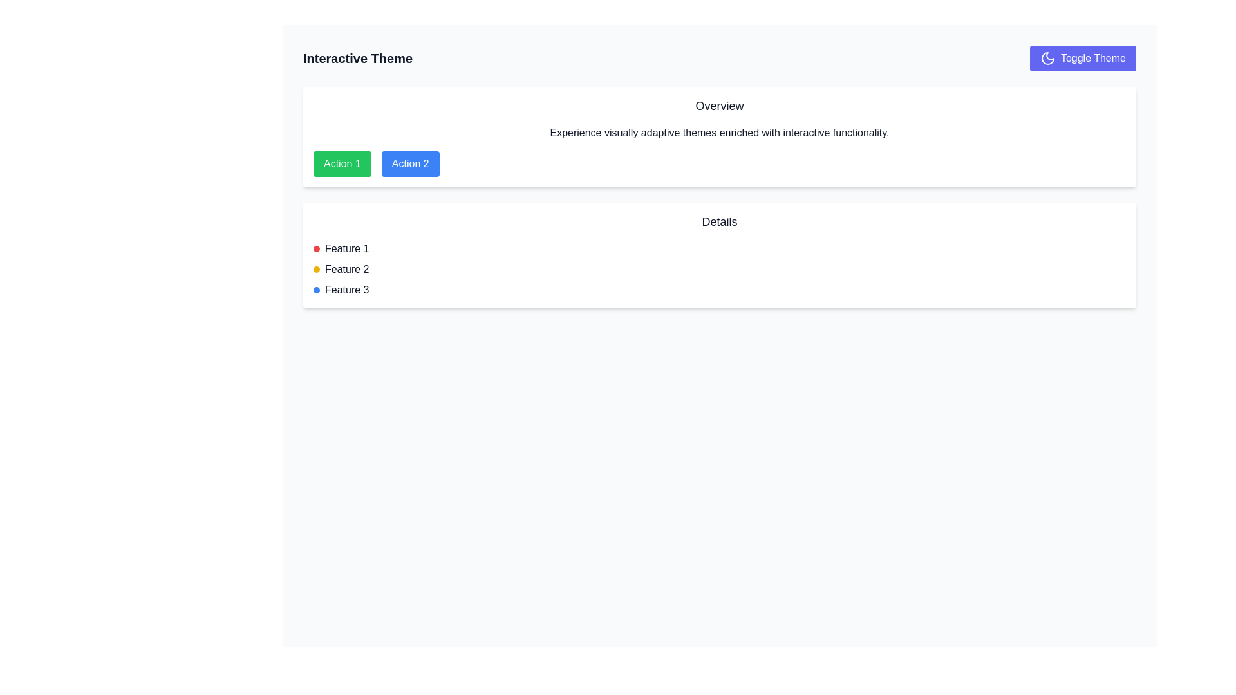 The width and height of the screenshot is (1236, 695). I want to click on information contained in the text component displaying the message: 'Experience visually adaptive themes enriched with interactive functionality.', so click(719, 133).